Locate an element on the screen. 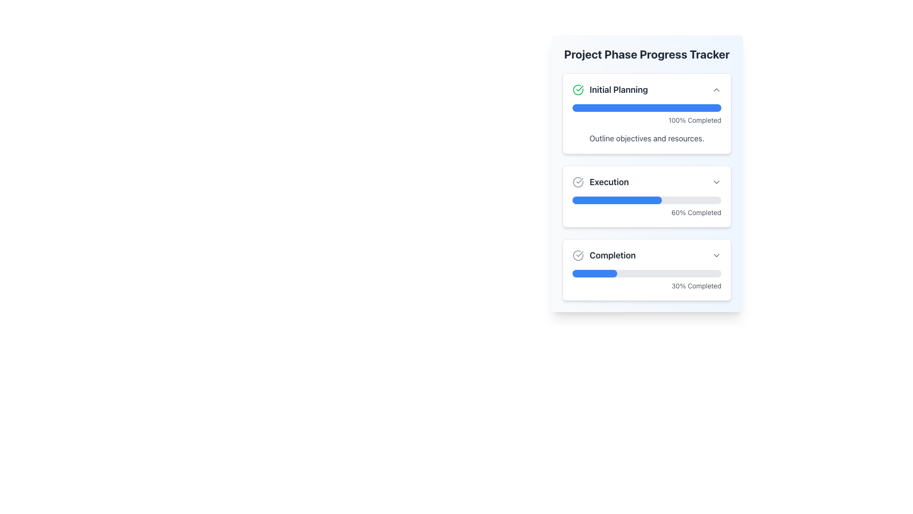 This screenshot has height=514, width=913. the Progress Bar indicating 100% completion of the 'Initial Planning' phase, positioned below the title and checkmark icon, and above the text '100% Completed' is located at coordinates (647, 108).